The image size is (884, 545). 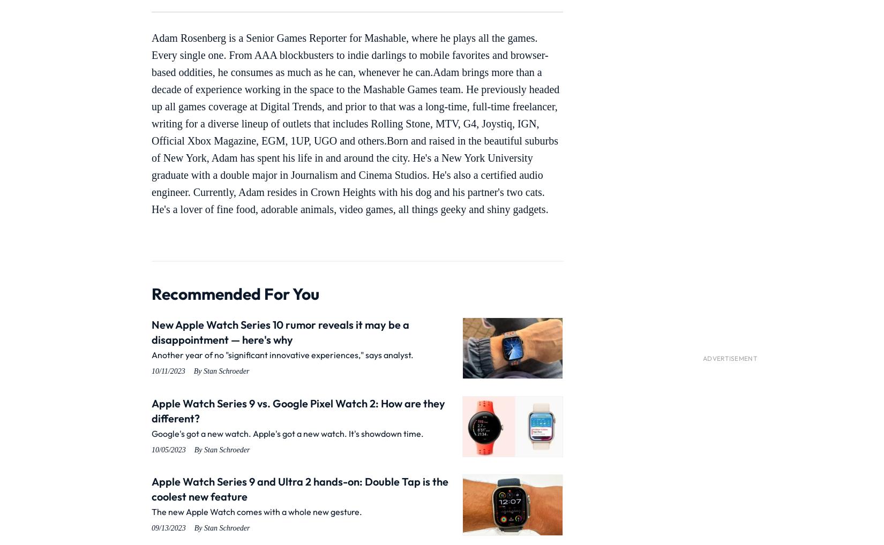 What do you see at coordinates (282, 355) in the screenshot?
I see `'Another year of no "significant innovative experiences," says analyst.'` at bounding box center [282, 355].